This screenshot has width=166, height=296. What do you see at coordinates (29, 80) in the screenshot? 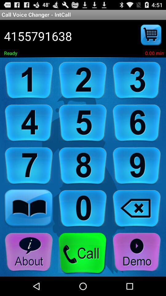
I see `the number one` at bounding box center [29, 80].